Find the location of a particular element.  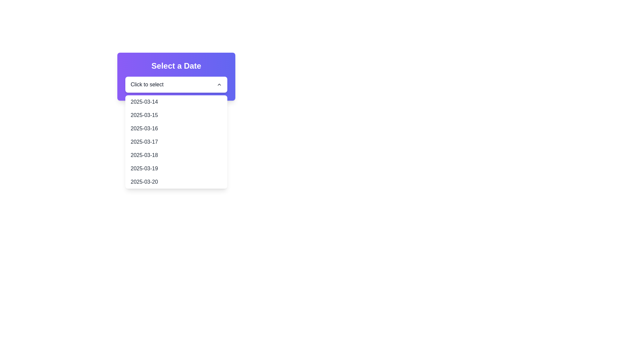

the selectable list item displaying the date '2025-03-19' within the dropdown menu labeled 'Select a Date' is located at coordinates (144, 168).